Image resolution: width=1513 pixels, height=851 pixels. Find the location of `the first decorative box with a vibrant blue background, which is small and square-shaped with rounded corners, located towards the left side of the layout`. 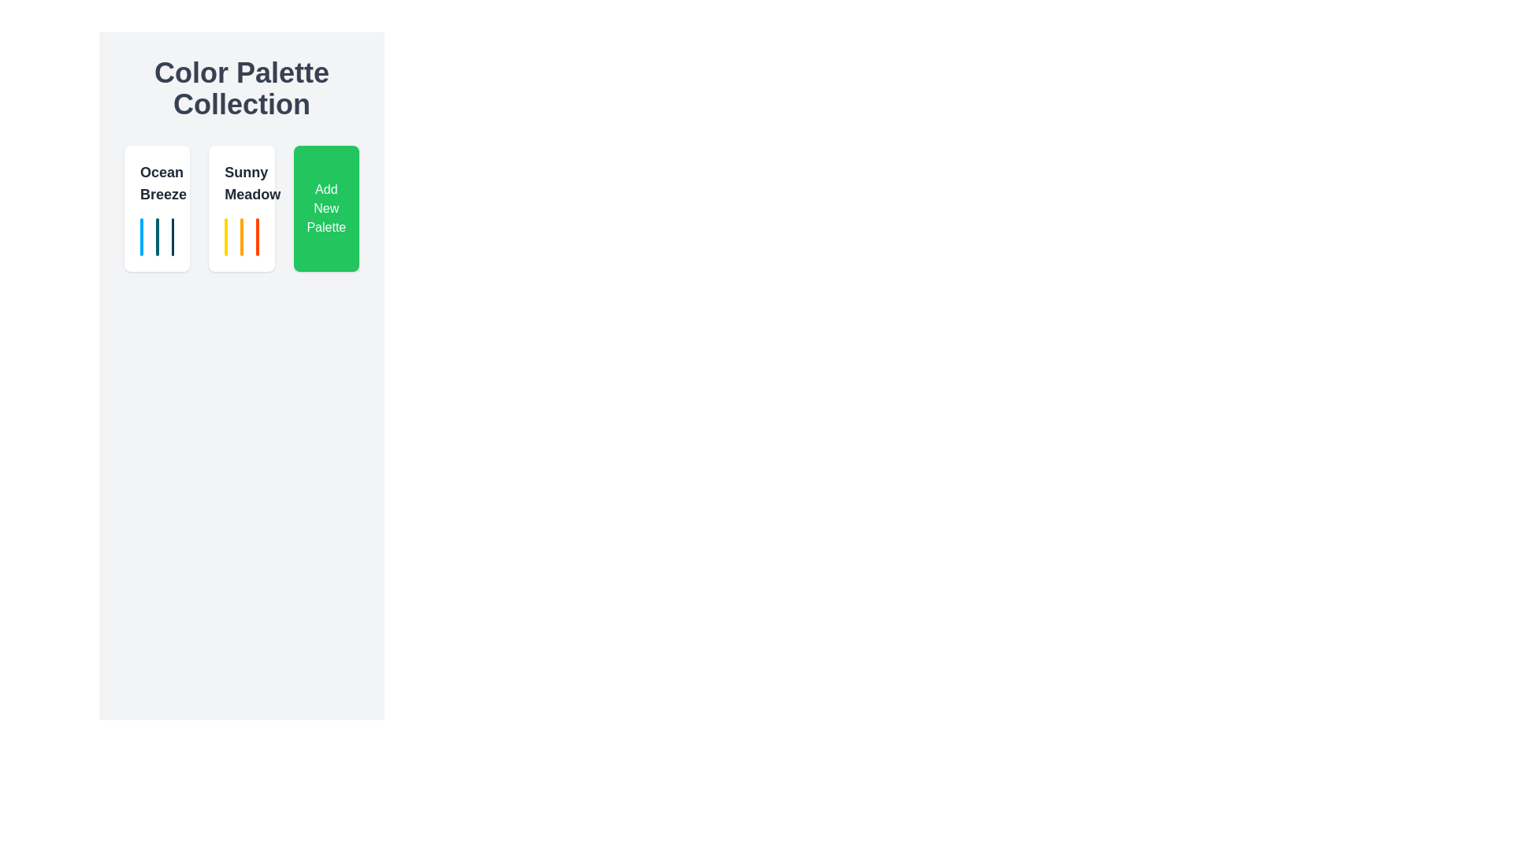

the first decorative box with a vibrant blue background, which is small and square-shaped with rounded corners, located towards the left side of the layout is located at coordinates (141, 236).